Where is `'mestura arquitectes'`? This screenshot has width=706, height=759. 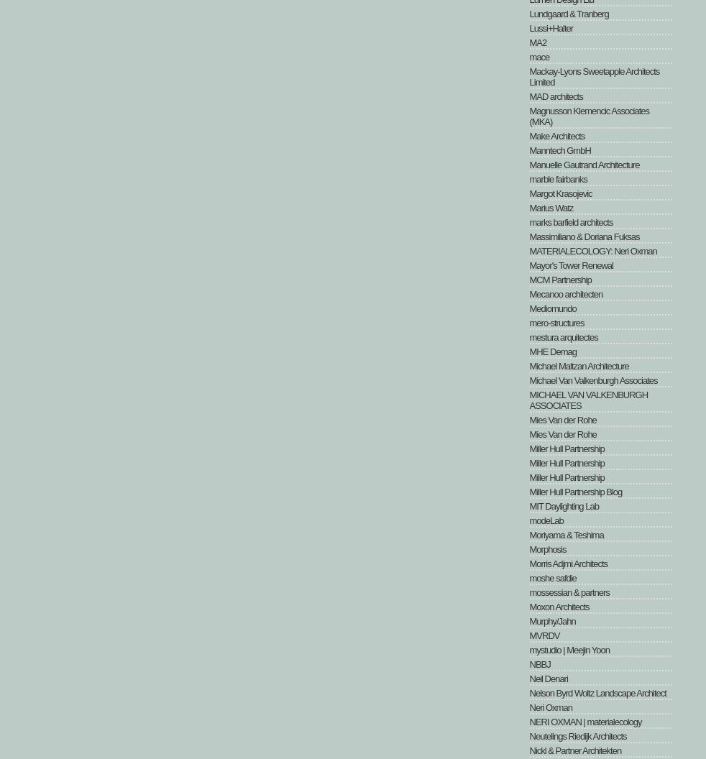
'mestura arquitectes' is located at coordinates (528, 336).